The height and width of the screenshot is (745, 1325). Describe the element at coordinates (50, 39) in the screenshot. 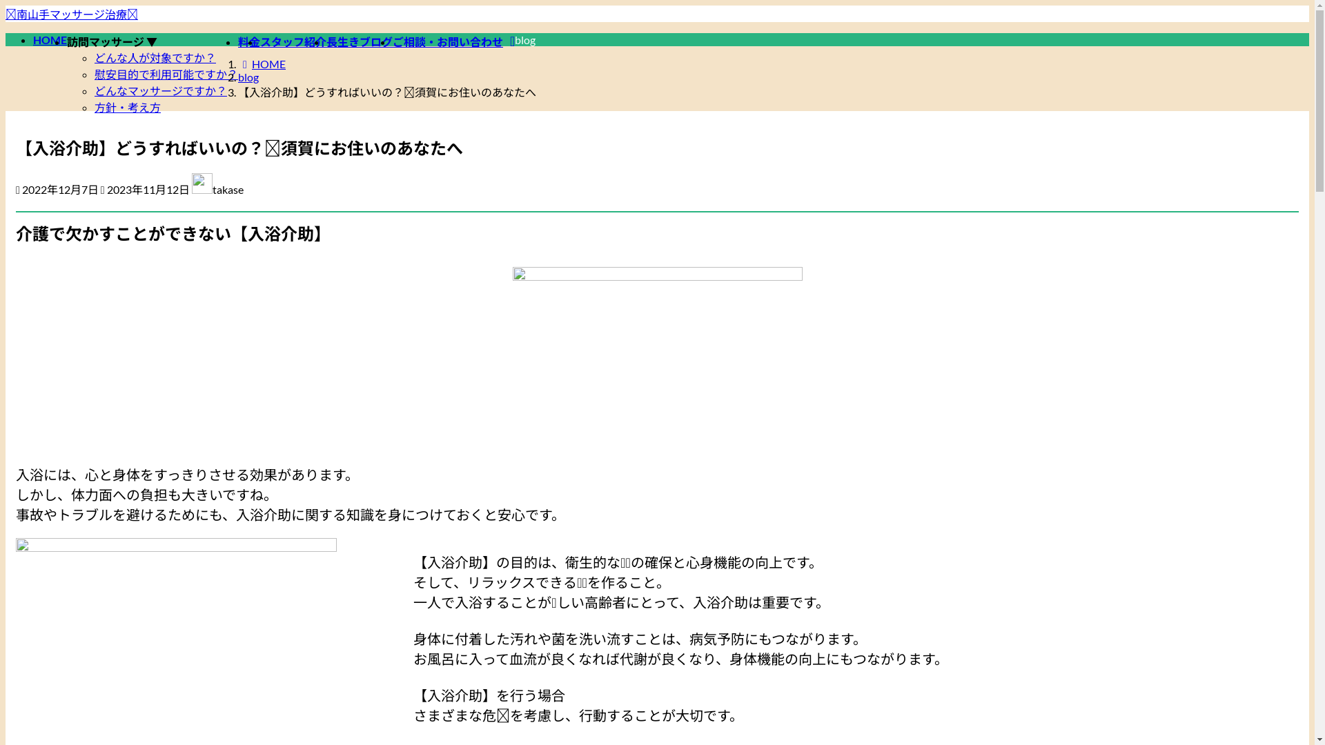

I see `'HOME'` at that location.